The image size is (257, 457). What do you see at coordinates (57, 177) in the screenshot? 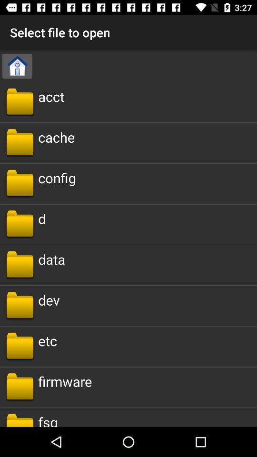
I see `item below cache item` at bounding box center [57, 177].